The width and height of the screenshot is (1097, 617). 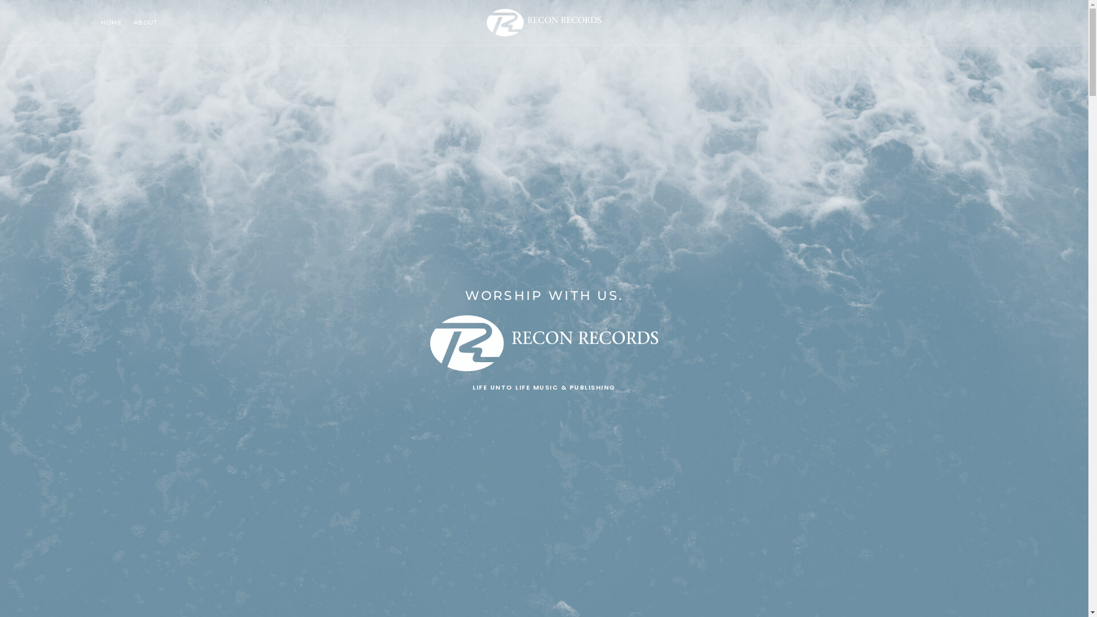 I want to click on 'HOME', so click(x=101, y=22).